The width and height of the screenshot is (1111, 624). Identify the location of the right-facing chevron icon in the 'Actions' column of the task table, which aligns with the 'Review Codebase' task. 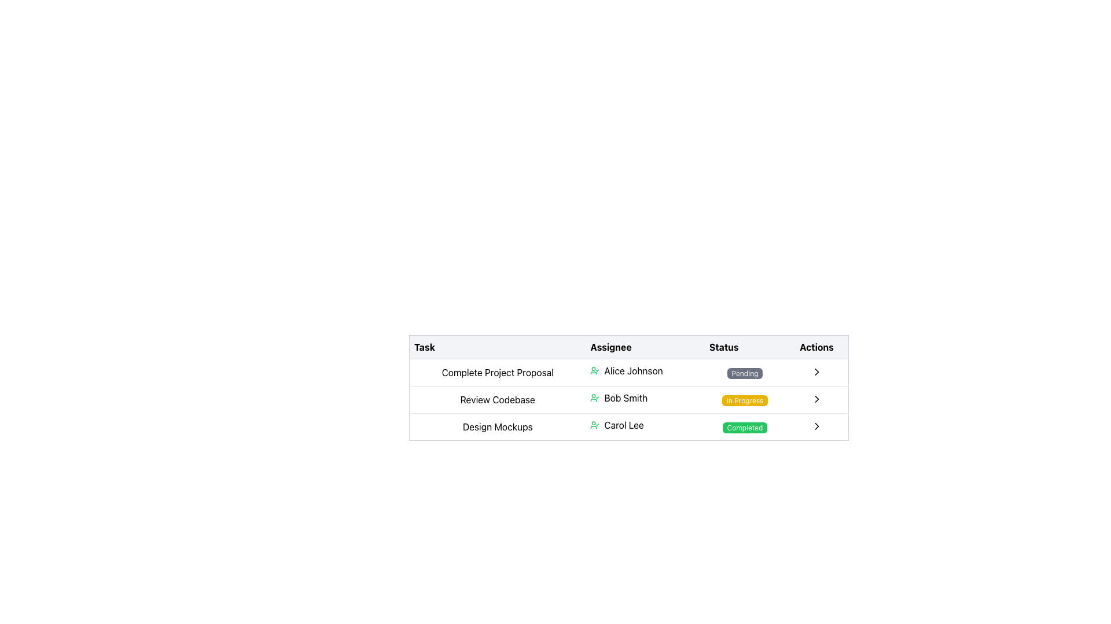
(816, 398).